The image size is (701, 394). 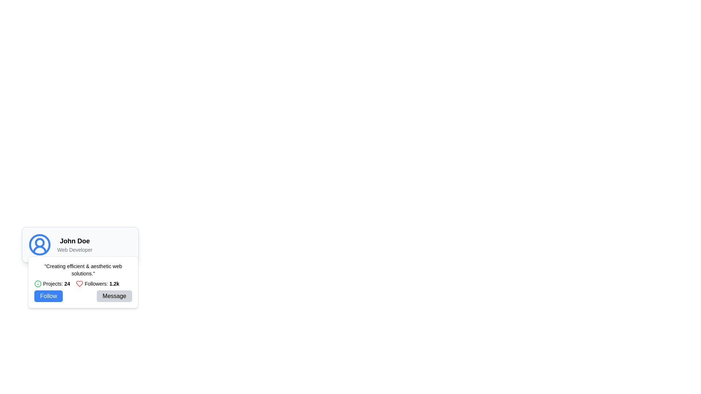 What do you see at coordinates (83, 283) in the screenshot?
I see `the Information display section that shows the user's metadata, including projects and followers, if it is interactive` at bounding box center [83, 283].